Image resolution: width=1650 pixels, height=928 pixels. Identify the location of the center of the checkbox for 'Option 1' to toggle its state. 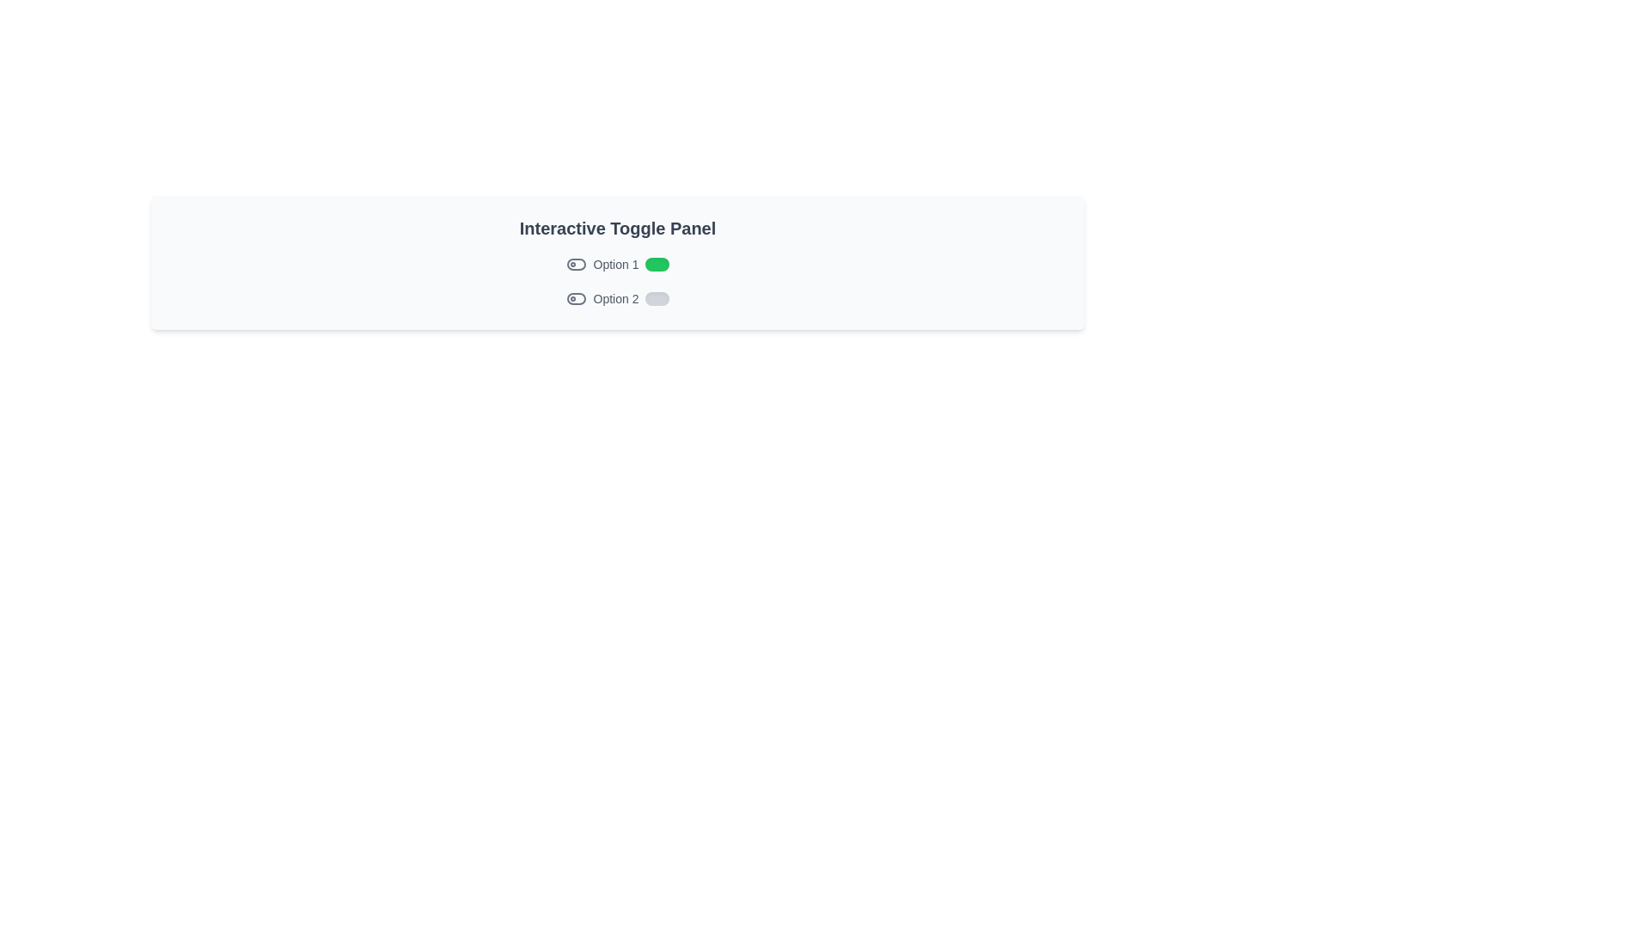
(657, 265).